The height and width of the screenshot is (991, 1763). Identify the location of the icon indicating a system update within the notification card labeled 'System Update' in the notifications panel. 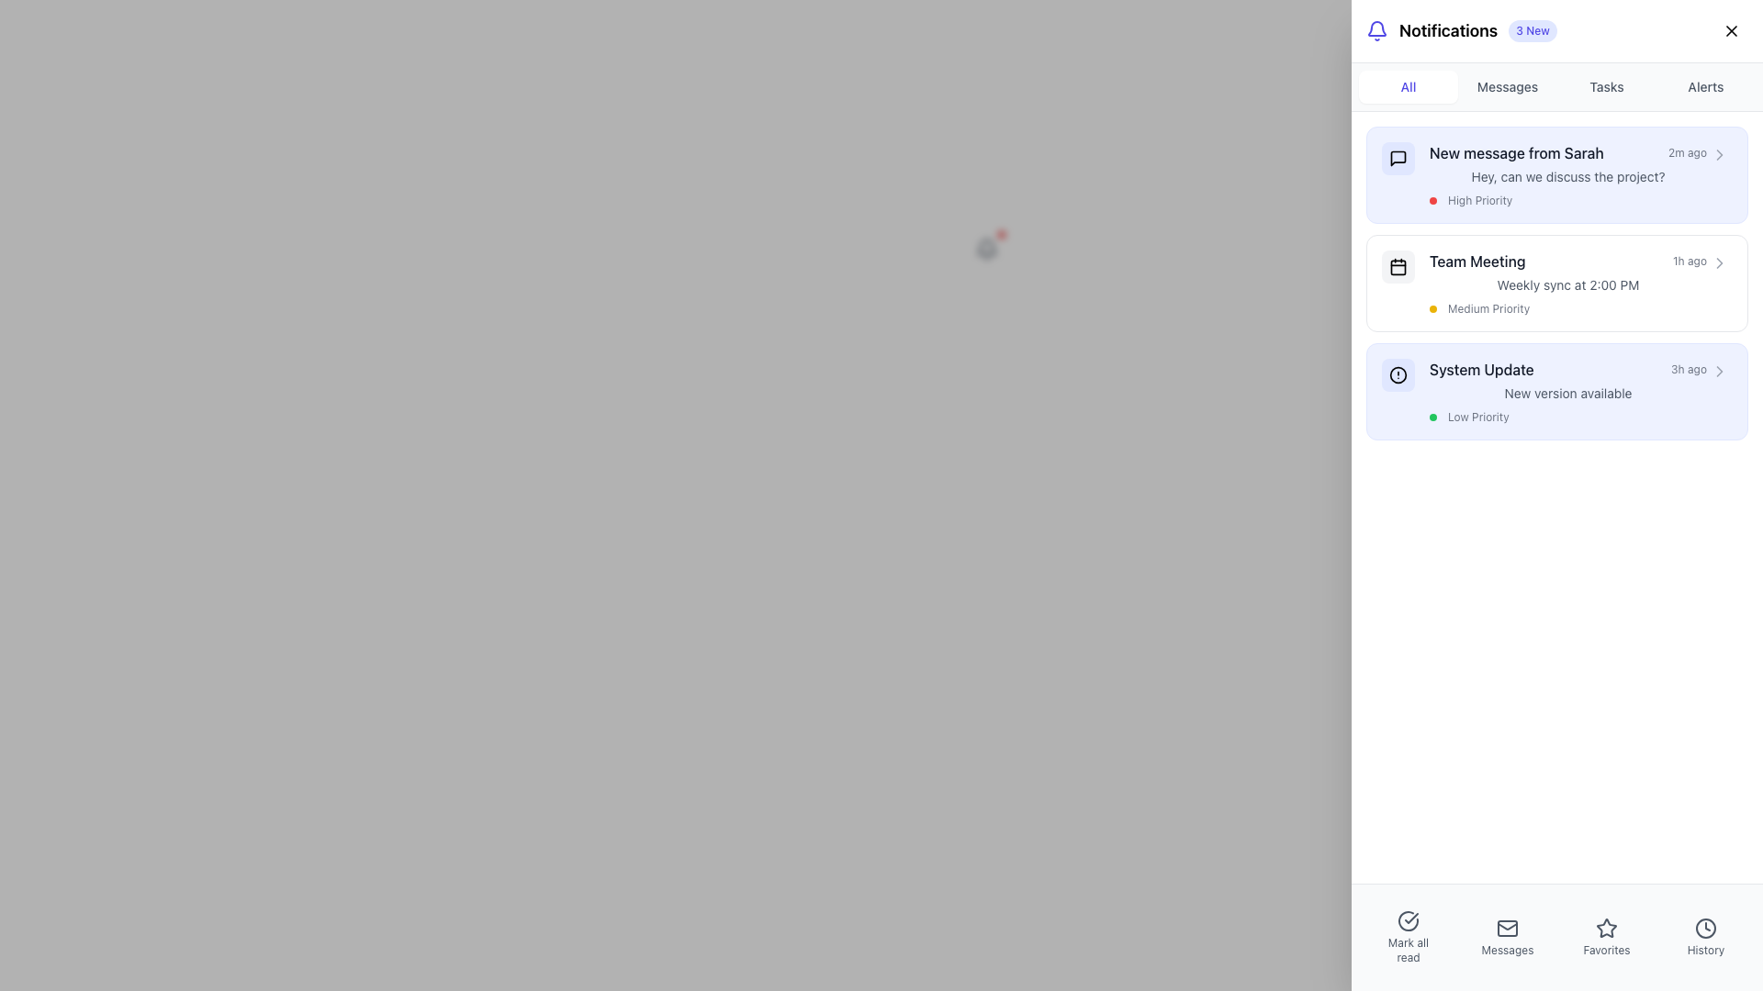
(1397, 373).